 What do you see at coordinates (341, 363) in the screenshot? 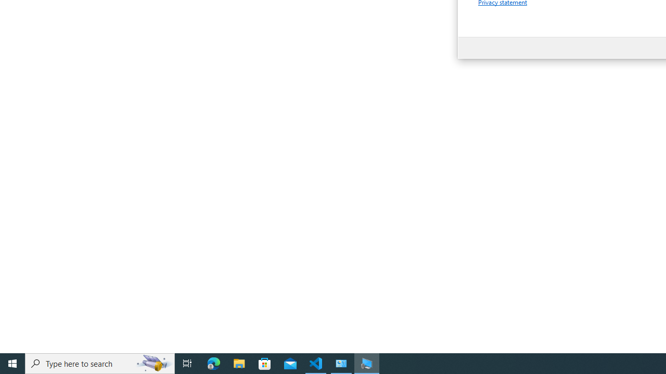
I see `'Control Panel - 1 running window'` at bounding box center [341, 363].